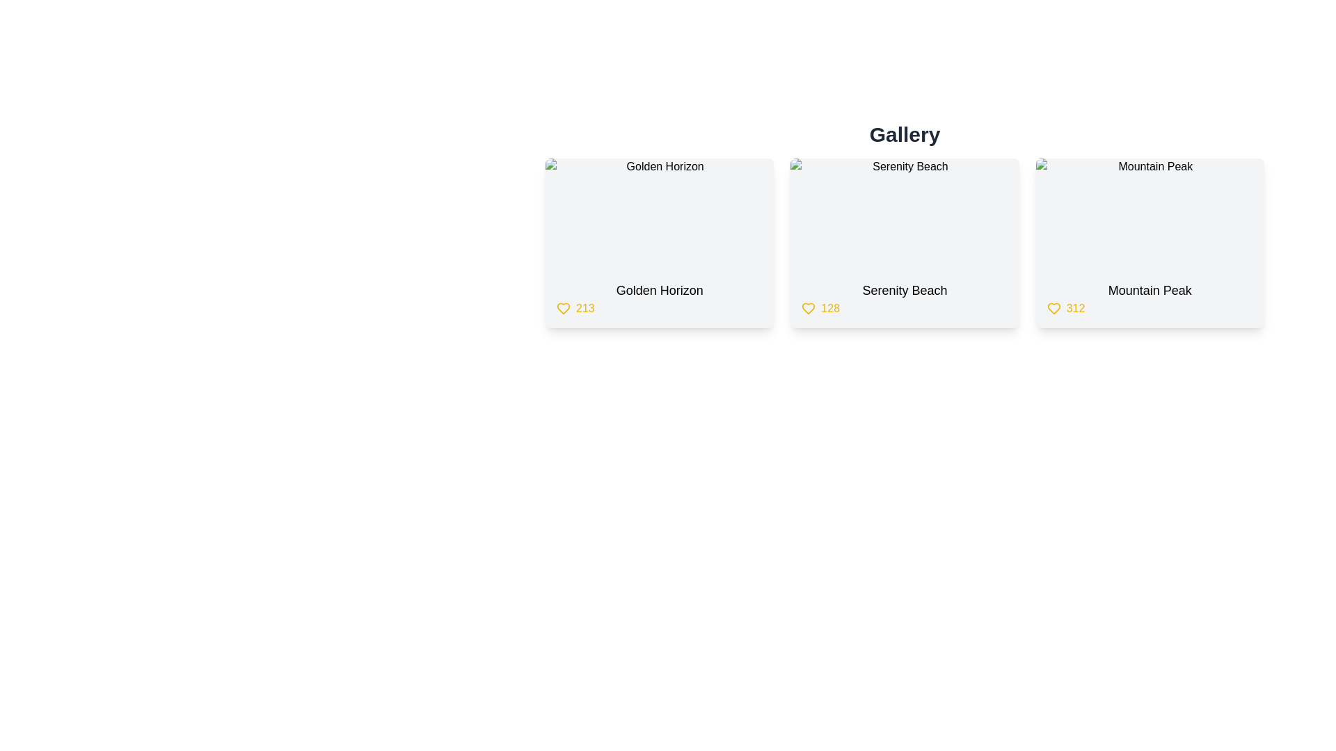  What do you see at coordinates (905, 307) in the screenshot?
I see `the count displayed next to the yellow heart icon labeled '128' within the 'Serenity Beach' card located in the gallery layout` at bounding box center [905, 307].